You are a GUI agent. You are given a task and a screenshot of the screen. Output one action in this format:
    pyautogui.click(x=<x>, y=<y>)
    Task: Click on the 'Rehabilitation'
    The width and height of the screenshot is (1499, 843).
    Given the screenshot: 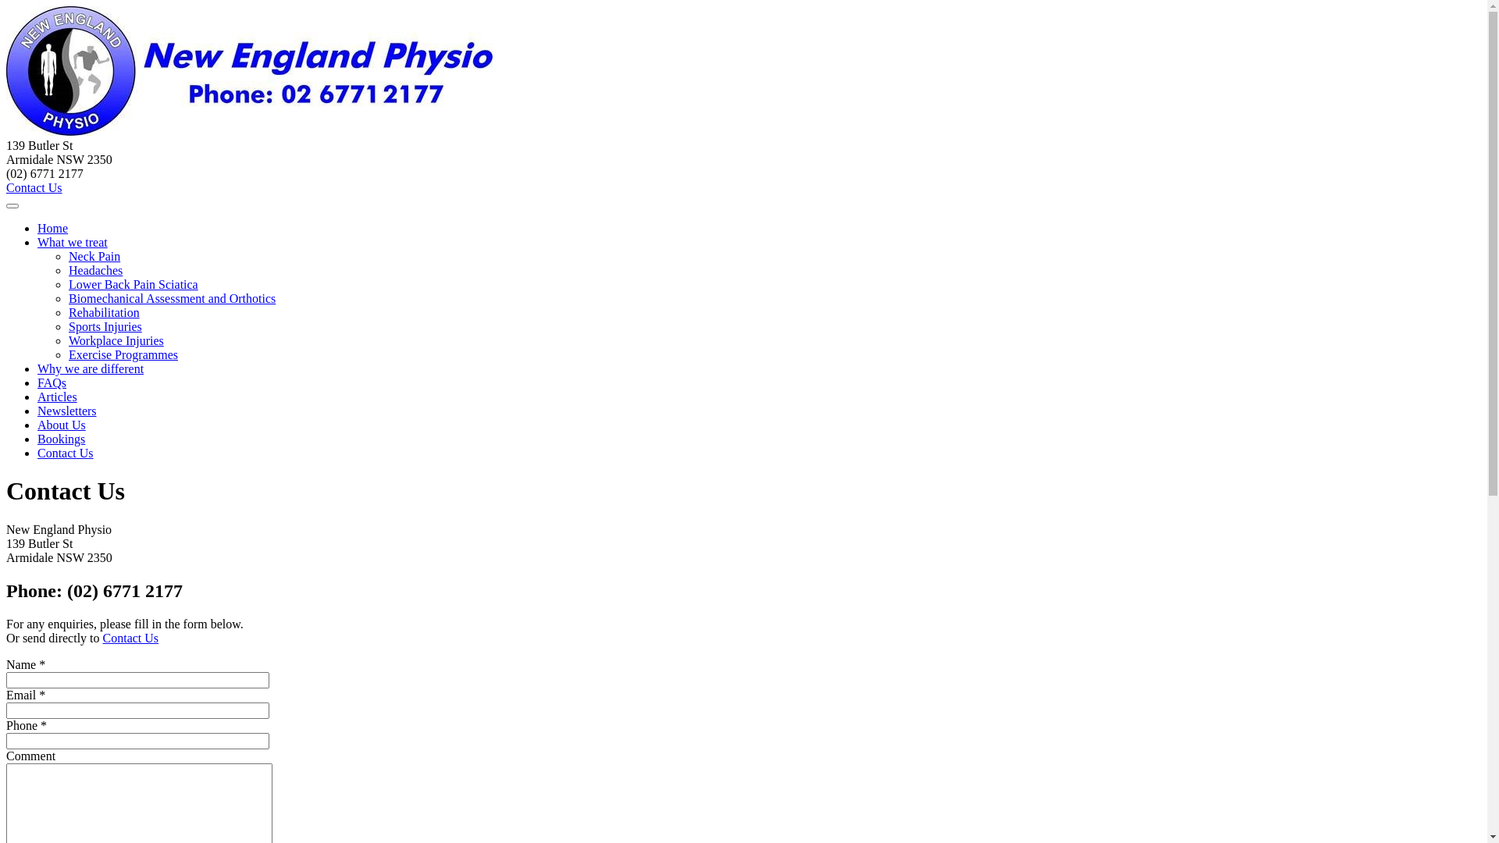 What is the action you would take?
    pyautogui.click(x=67, y=312)
    